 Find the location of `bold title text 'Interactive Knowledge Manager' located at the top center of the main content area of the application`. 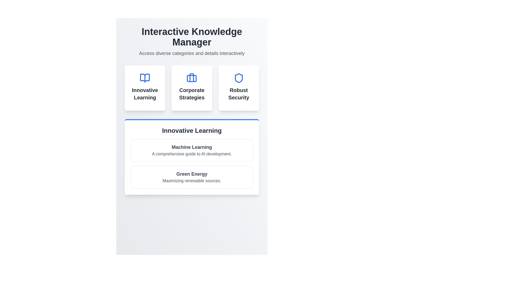

bold title text 'Interactive Knowledge Manager' located at the top center of the main content area of the application is located at coordinates (191, 37).